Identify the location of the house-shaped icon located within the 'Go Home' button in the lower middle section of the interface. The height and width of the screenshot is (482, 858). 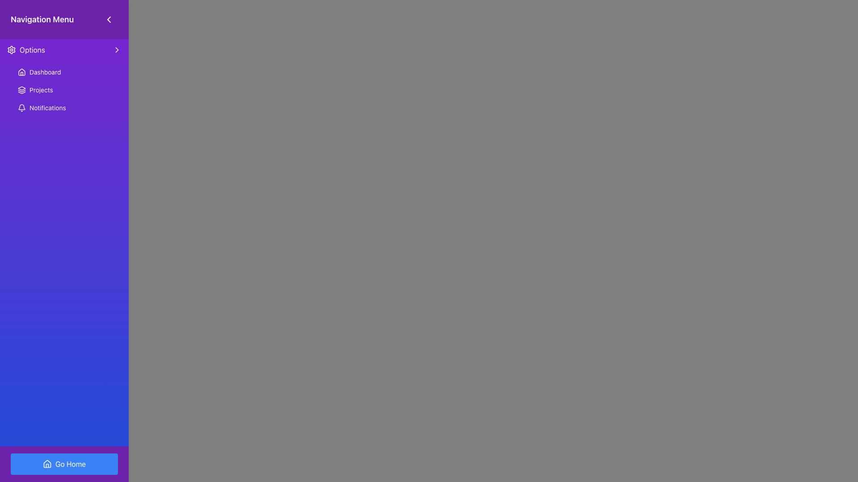
(46, 464).